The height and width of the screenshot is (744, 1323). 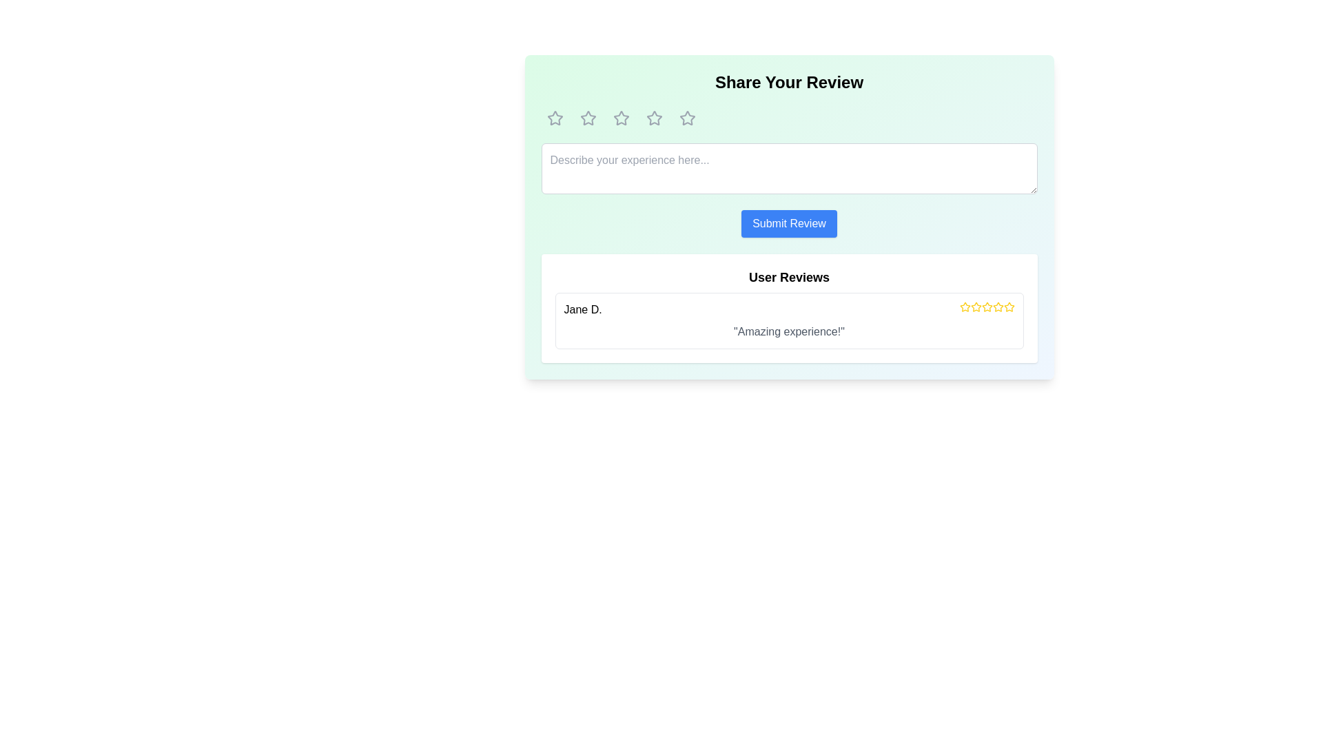 What do you see at coordinates (612, 118) in the screenshot?
I see `the rating` at bounding box center [612, 118].